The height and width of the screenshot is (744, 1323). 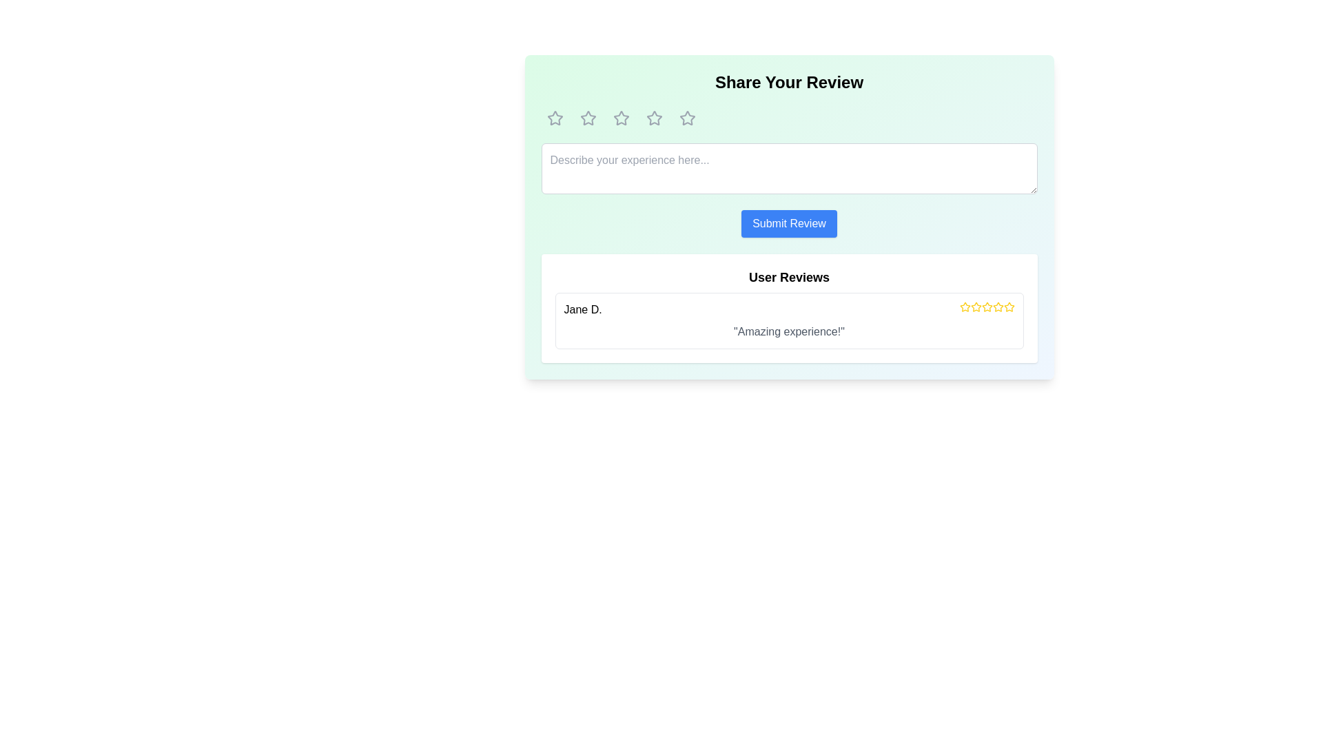 What do you see at coordinates (612, 118) in the screenshot?
I see `the rating` at bounding box center [612, 118].